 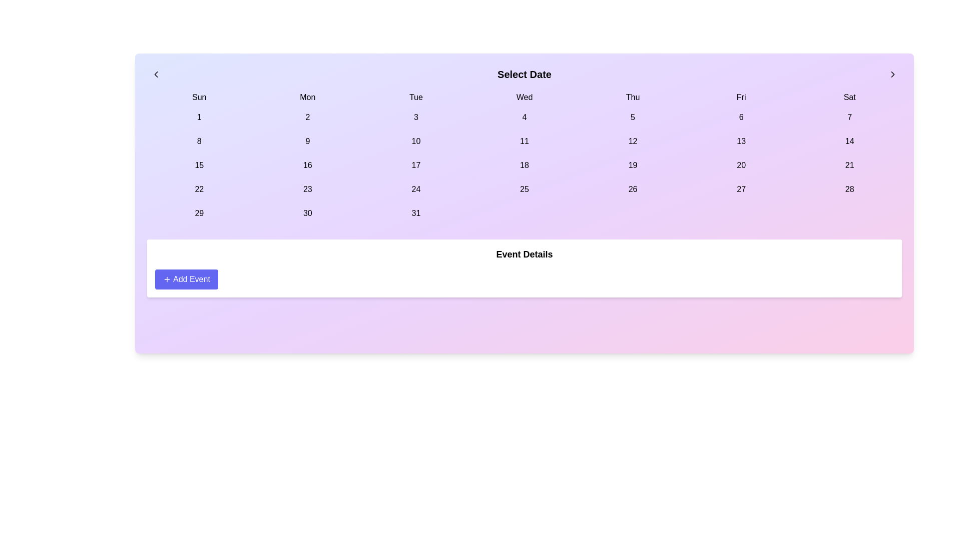 What do you see at coordinates (199, 165) in the screenshot?
I see `the calendar date button representing the date '15' located in the third row's first column of the calendar grid` at bounding box center [199, 165].